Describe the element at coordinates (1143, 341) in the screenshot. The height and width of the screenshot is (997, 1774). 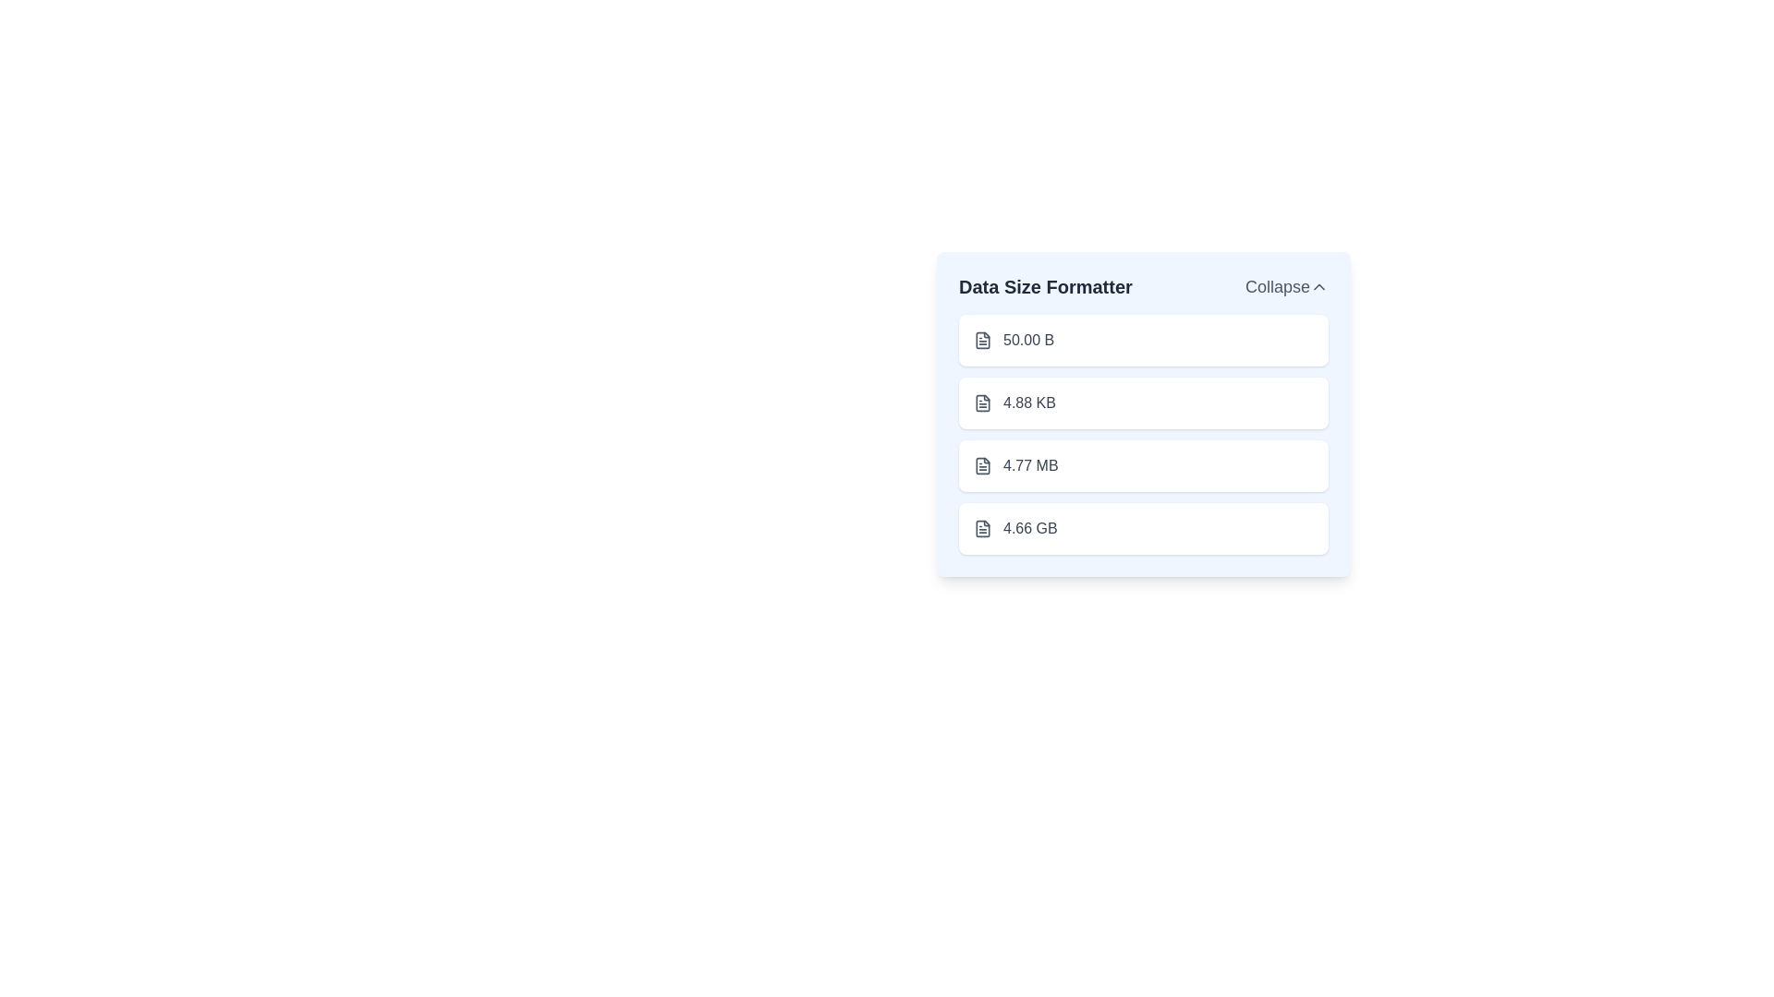
I see `the informational display item showing the data size '50.00 B' in the 'Data Size Formatter' section` at that location.